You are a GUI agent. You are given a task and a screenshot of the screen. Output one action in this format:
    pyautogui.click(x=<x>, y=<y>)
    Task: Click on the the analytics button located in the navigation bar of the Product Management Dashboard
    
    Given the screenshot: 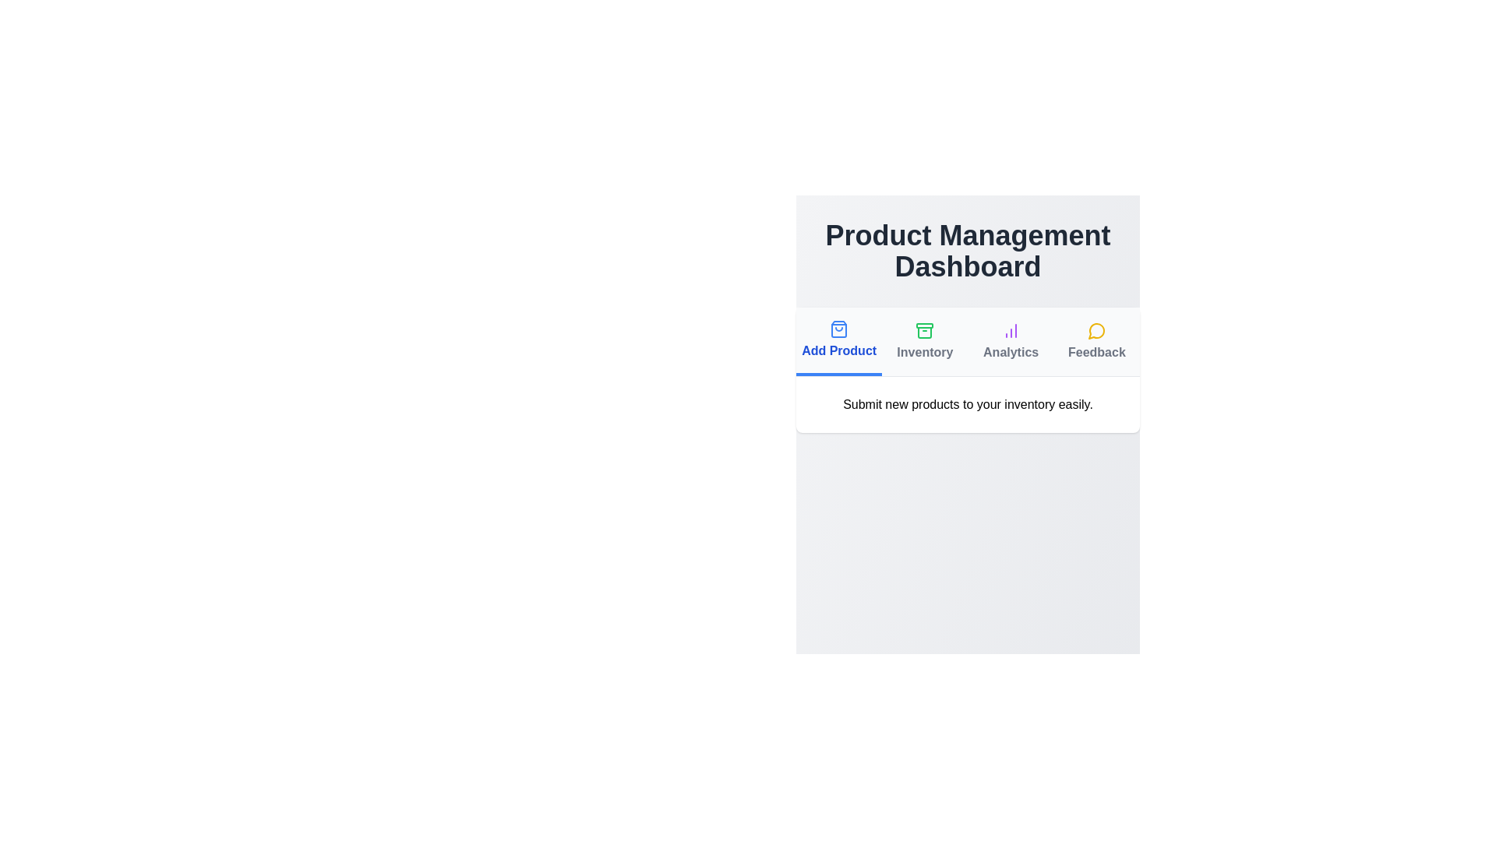 What is the action you would take?
    pyautogui.click(x=1011, y=341)
    